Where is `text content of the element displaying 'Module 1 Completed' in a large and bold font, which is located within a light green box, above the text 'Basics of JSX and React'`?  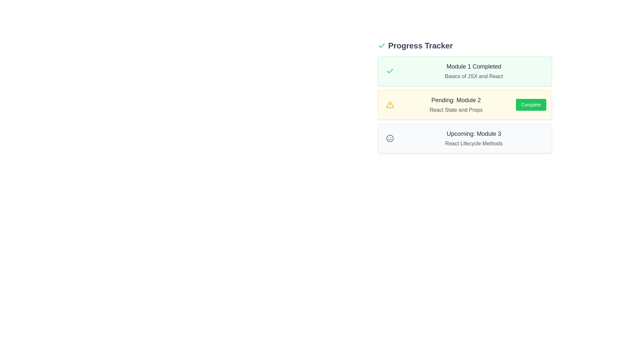
text content of the element displaying 'Module 1 Completed' in a large and bold font, which is located within a light green box, above the text 'Basics of JSX and React' is located at coordinates (473, 66).